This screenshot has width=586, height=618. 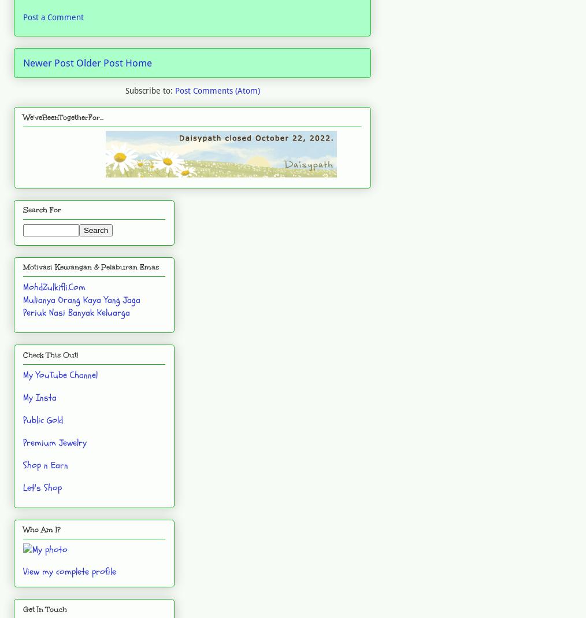 What do you see at coordinates (216, 91) in the screenshot?
I see `'Post Comments (Atom)'` at bounding box center [216, 91].